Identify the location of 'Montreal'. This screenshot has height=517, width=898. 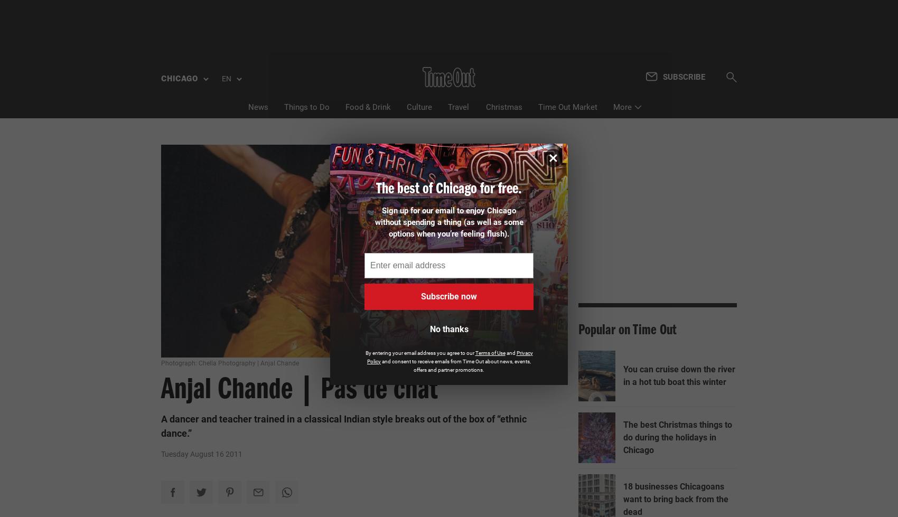
(193, 303).